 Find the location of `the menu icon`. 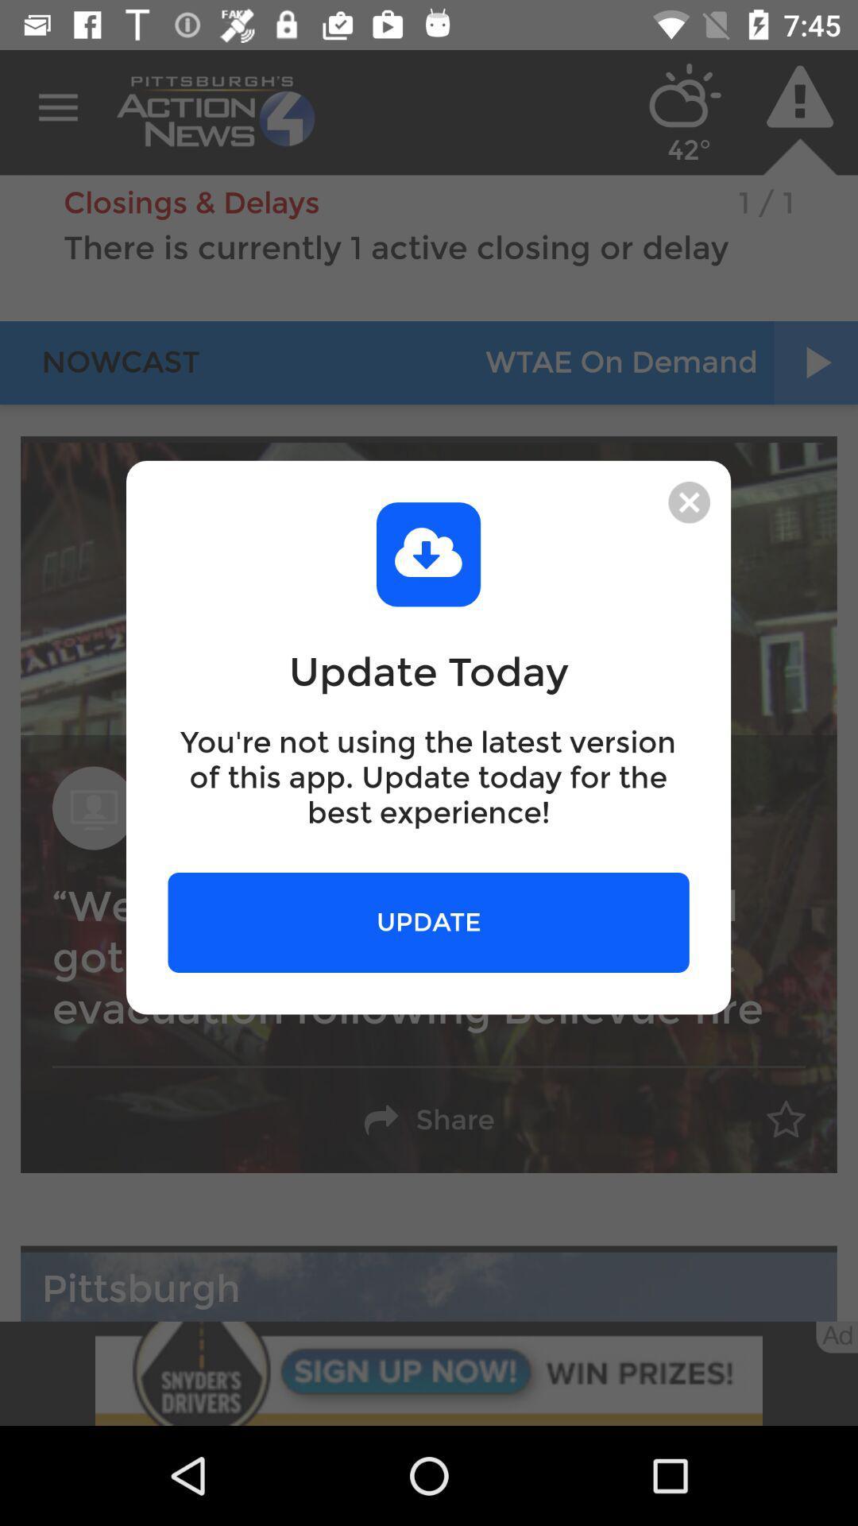

the menu icon is located at coordinates (57, 107).